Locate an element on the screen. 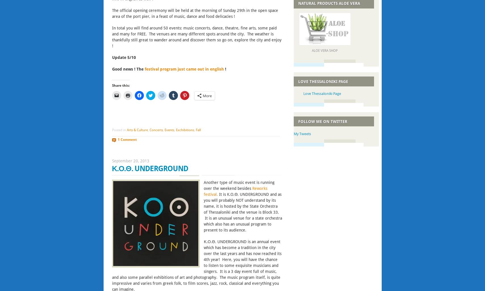 The height and width of the screenshot is (291, 485). 'Follow me on Twitter' is located at coordinates (322, 121).